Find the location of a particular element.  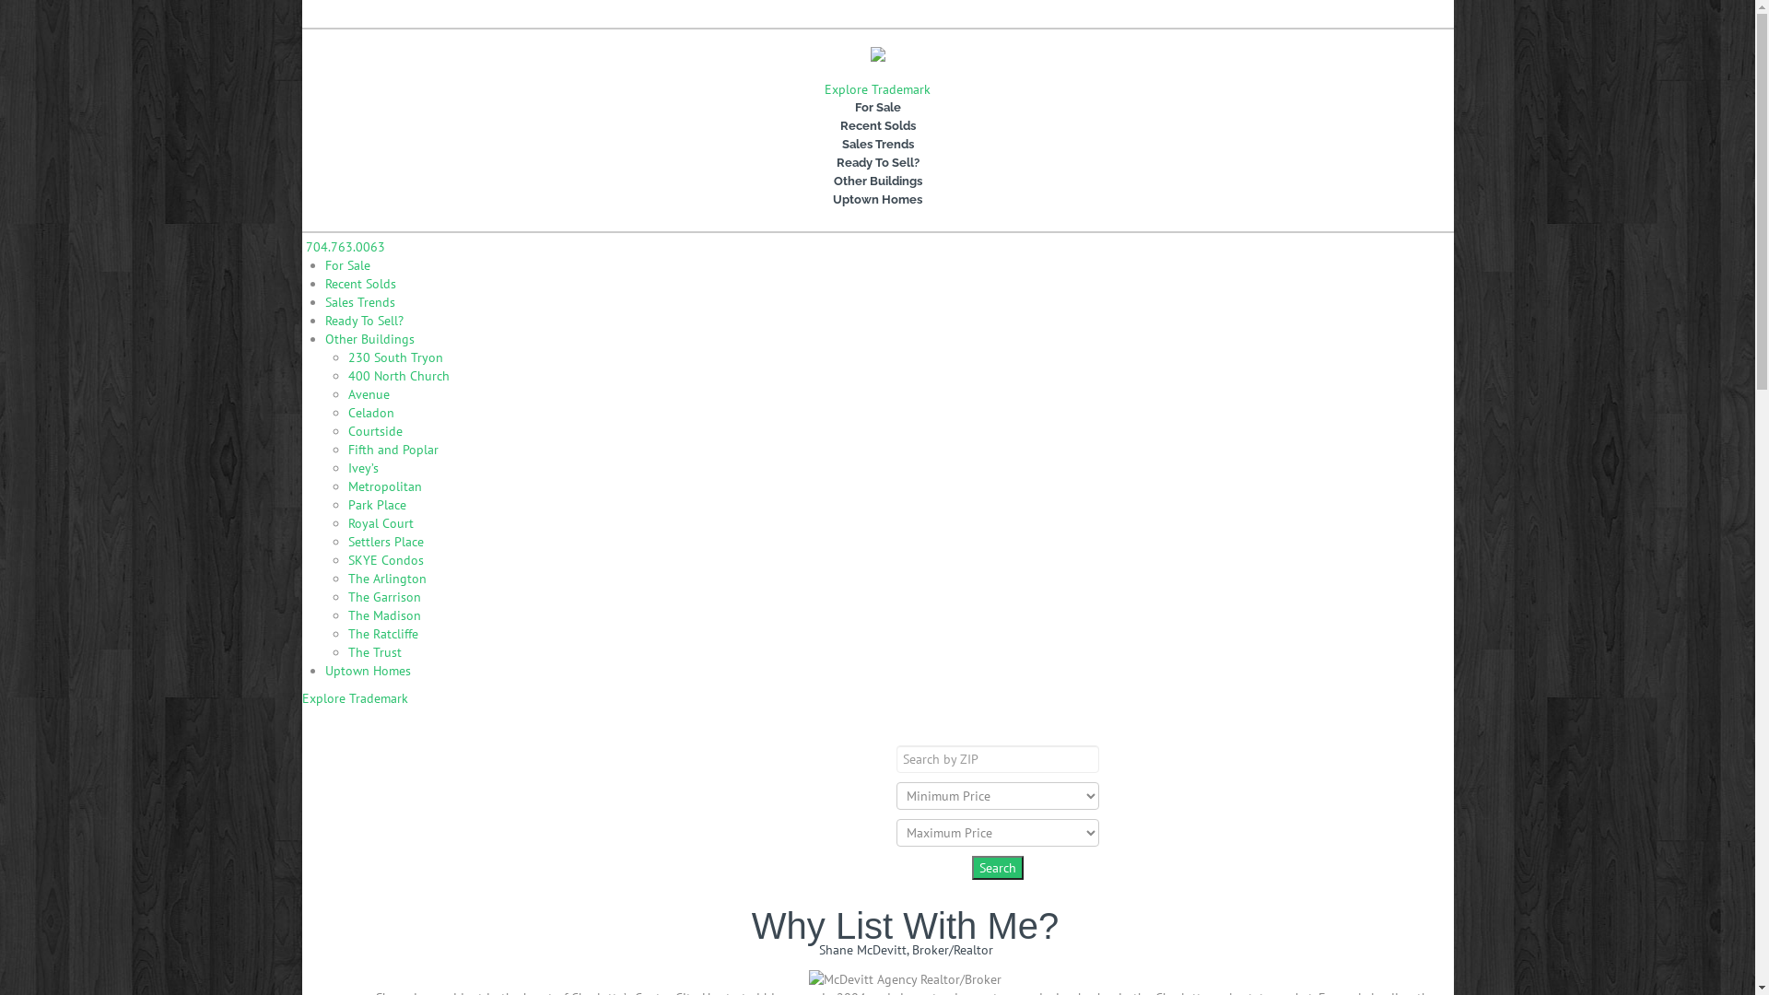

'Fifth and Poplar' is located at coordinates (392, 450).